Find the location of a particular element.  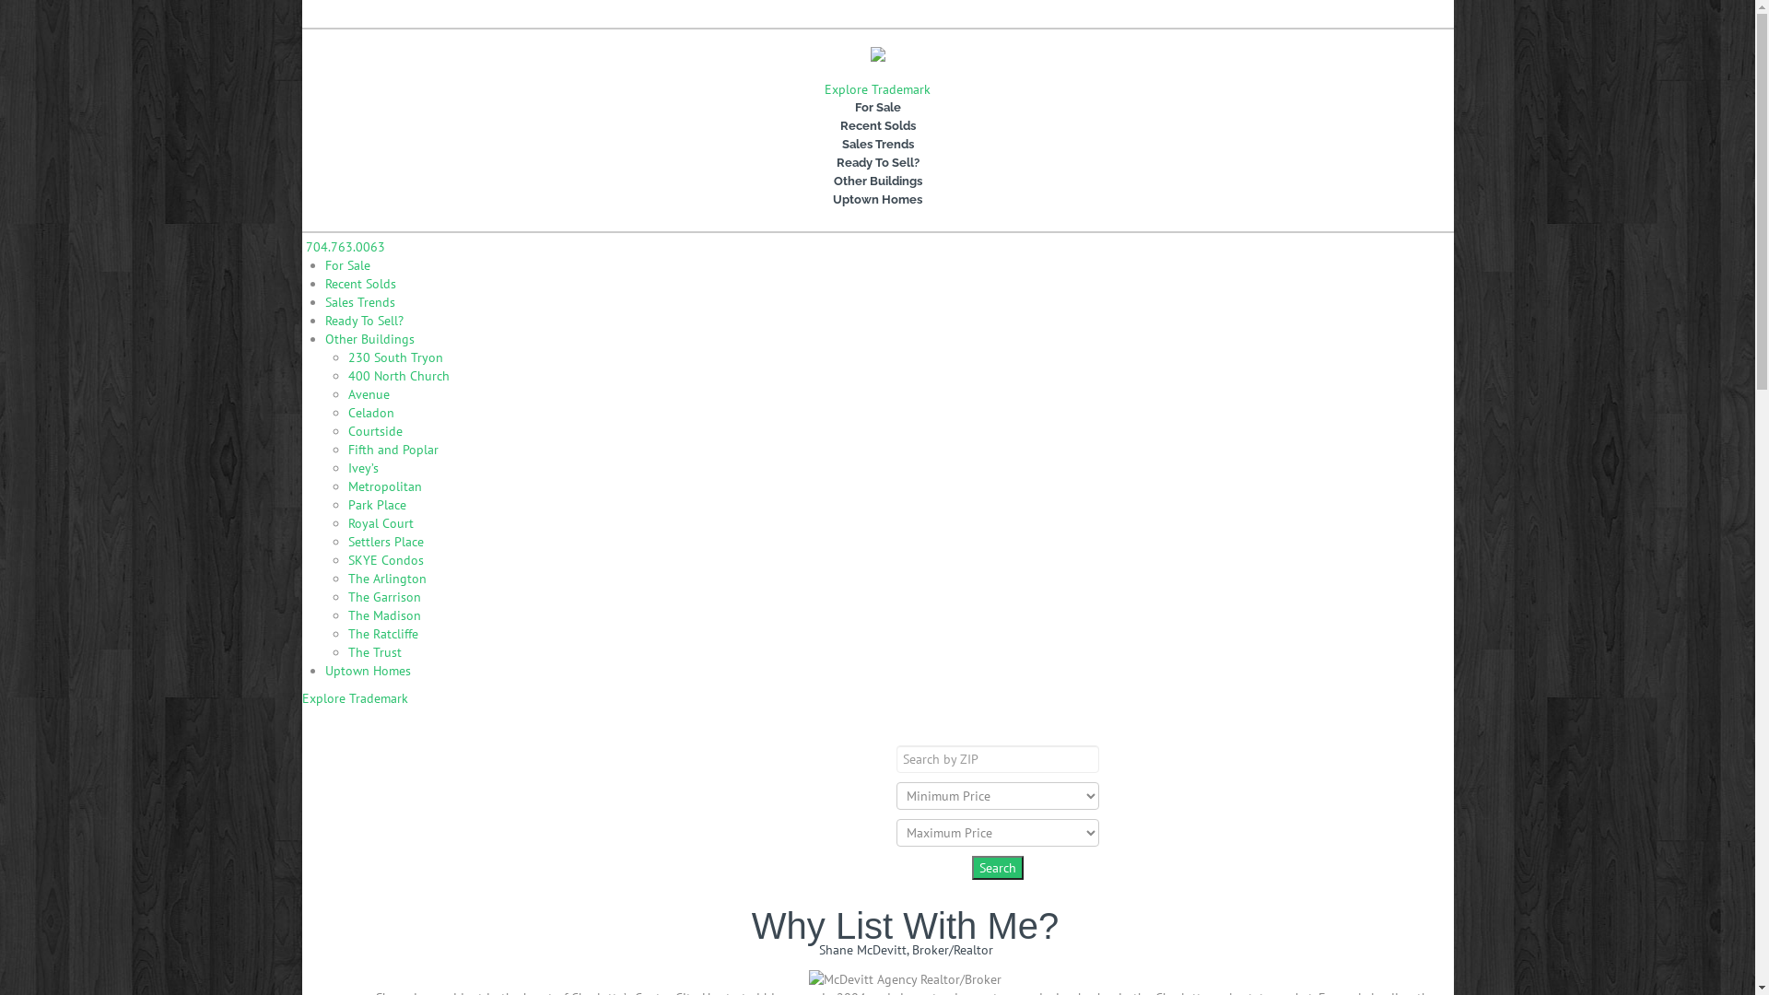

'Fifth and Poplar' is located at coordinates (392, 450).